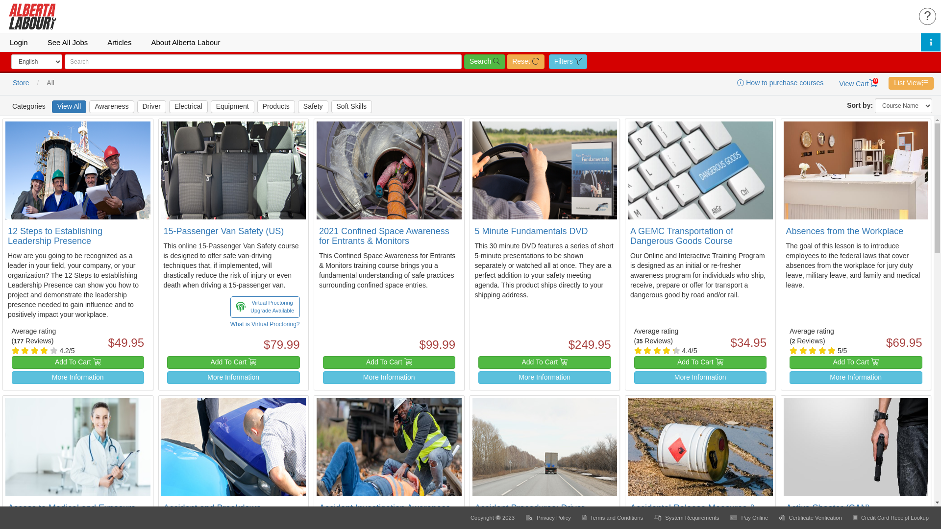 The height and width of the screenshot is (529, 941). I want to click on 'Login', so click(19, 42).